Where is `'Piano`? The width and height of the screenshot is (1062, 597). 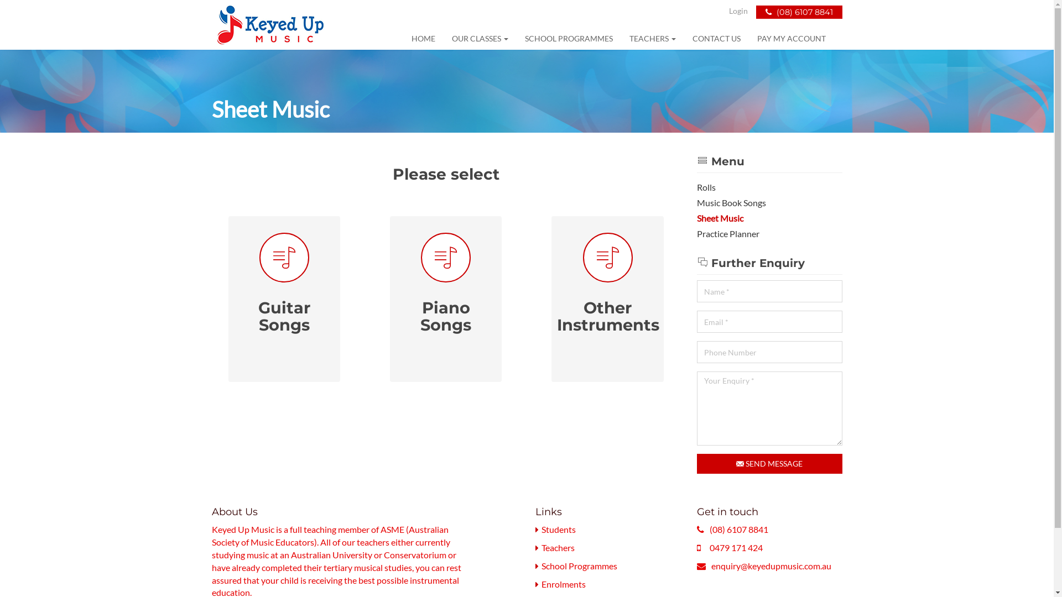
'Piano is located at coordinates (446, 282).